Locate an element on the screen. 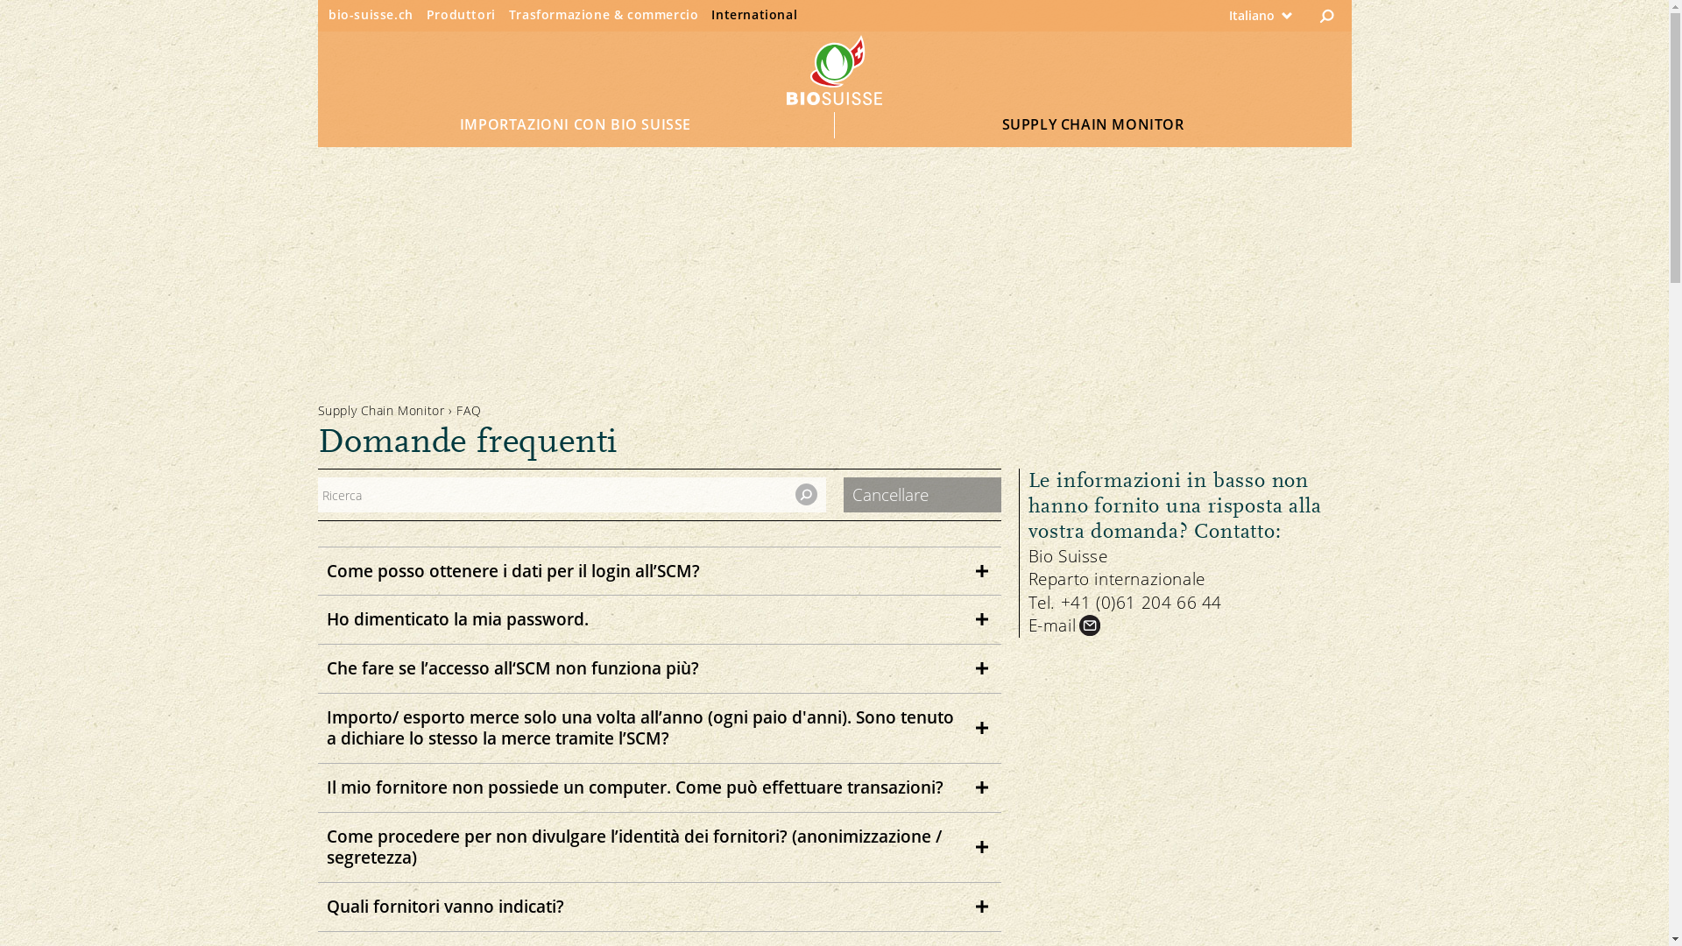 This screenshot has width=1682, height=946. 'Cancellare' is located at coordinates (844, 494).